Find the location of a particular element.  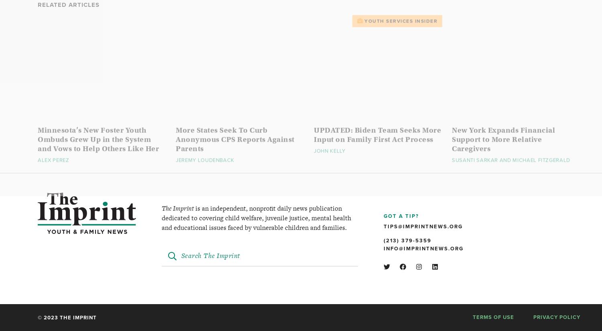

'Jeremy Loudenback' is located at coordinates (176, 177).